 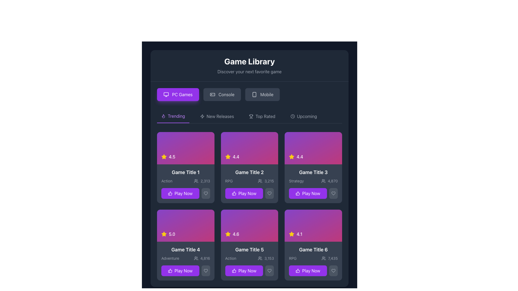 I want to click on the text label displaying 'Strategy', which is styled in gray and located in the metadata section of the 'Game Title 3' card in the 'Game Library' grid, so click(x=296, y=181).